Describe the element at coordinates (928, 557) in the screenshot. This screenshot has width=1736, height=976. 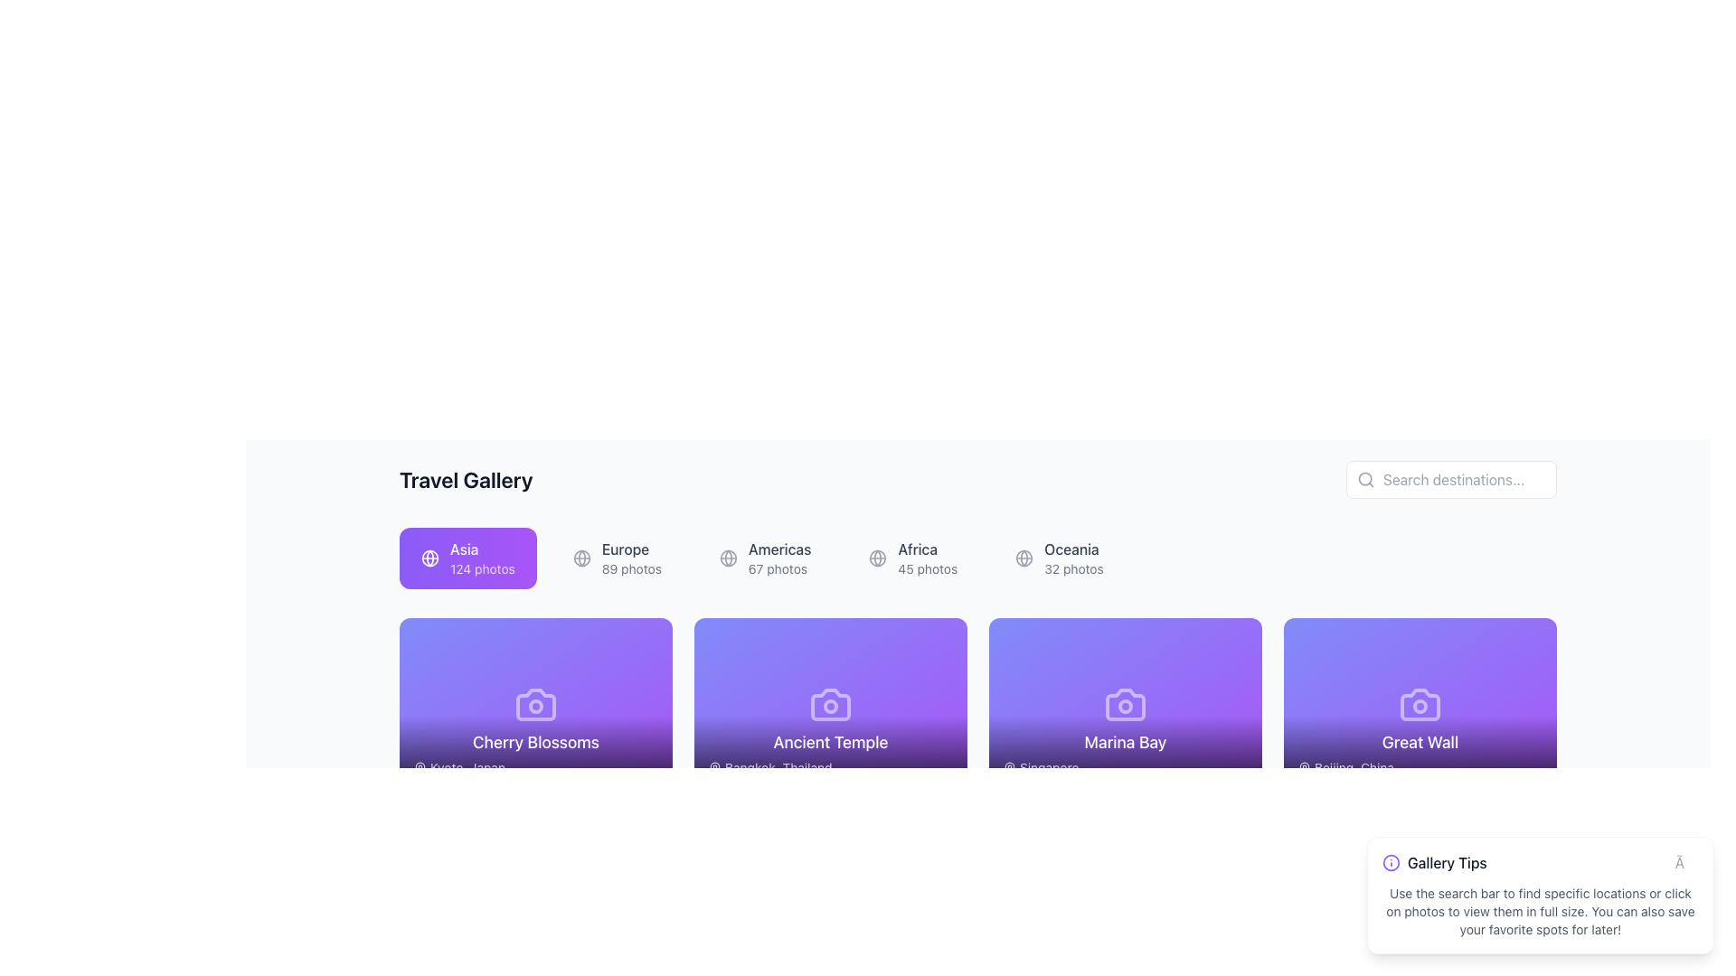
I see `the 'Africa' category filter label to filter photos related to Africa, which is styled in bold above '45 photos' and positioned in the upper-middle part of the interface` at that location.